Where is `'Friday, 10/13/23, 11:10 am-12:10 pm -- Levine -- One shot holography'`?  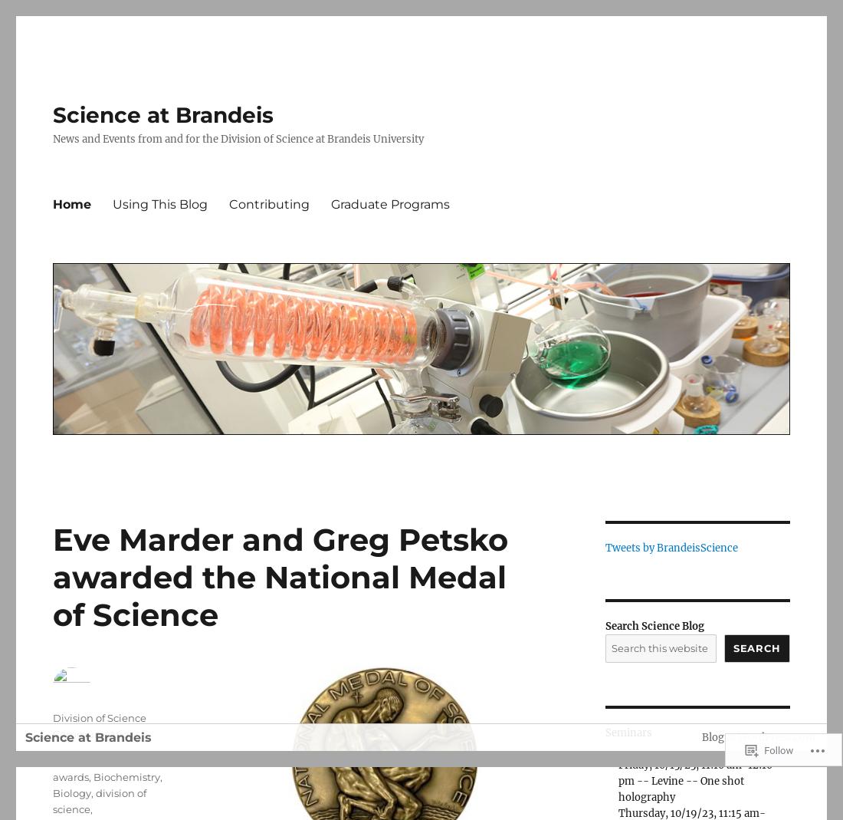
'Friday, 10/13/23, 11:10 am-12:10 pm -- Levine -- One shot holography' is located at coordinates (617, 781).